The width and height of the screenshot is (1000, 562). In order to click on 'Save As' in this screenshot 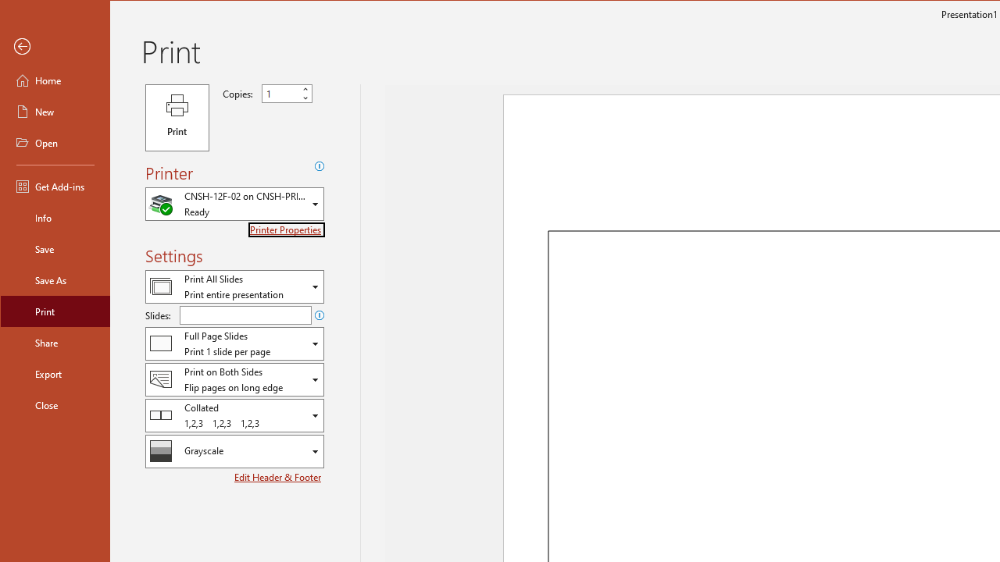, I will do `click(55, 279)`.